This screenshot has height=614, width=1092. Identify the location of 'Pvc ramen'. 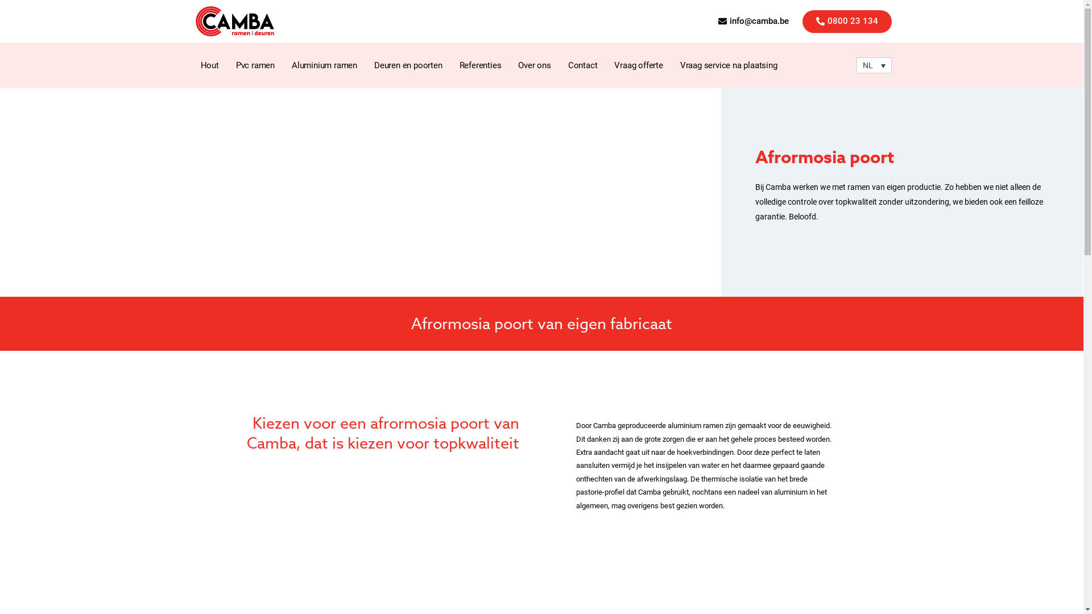
(255, 65).